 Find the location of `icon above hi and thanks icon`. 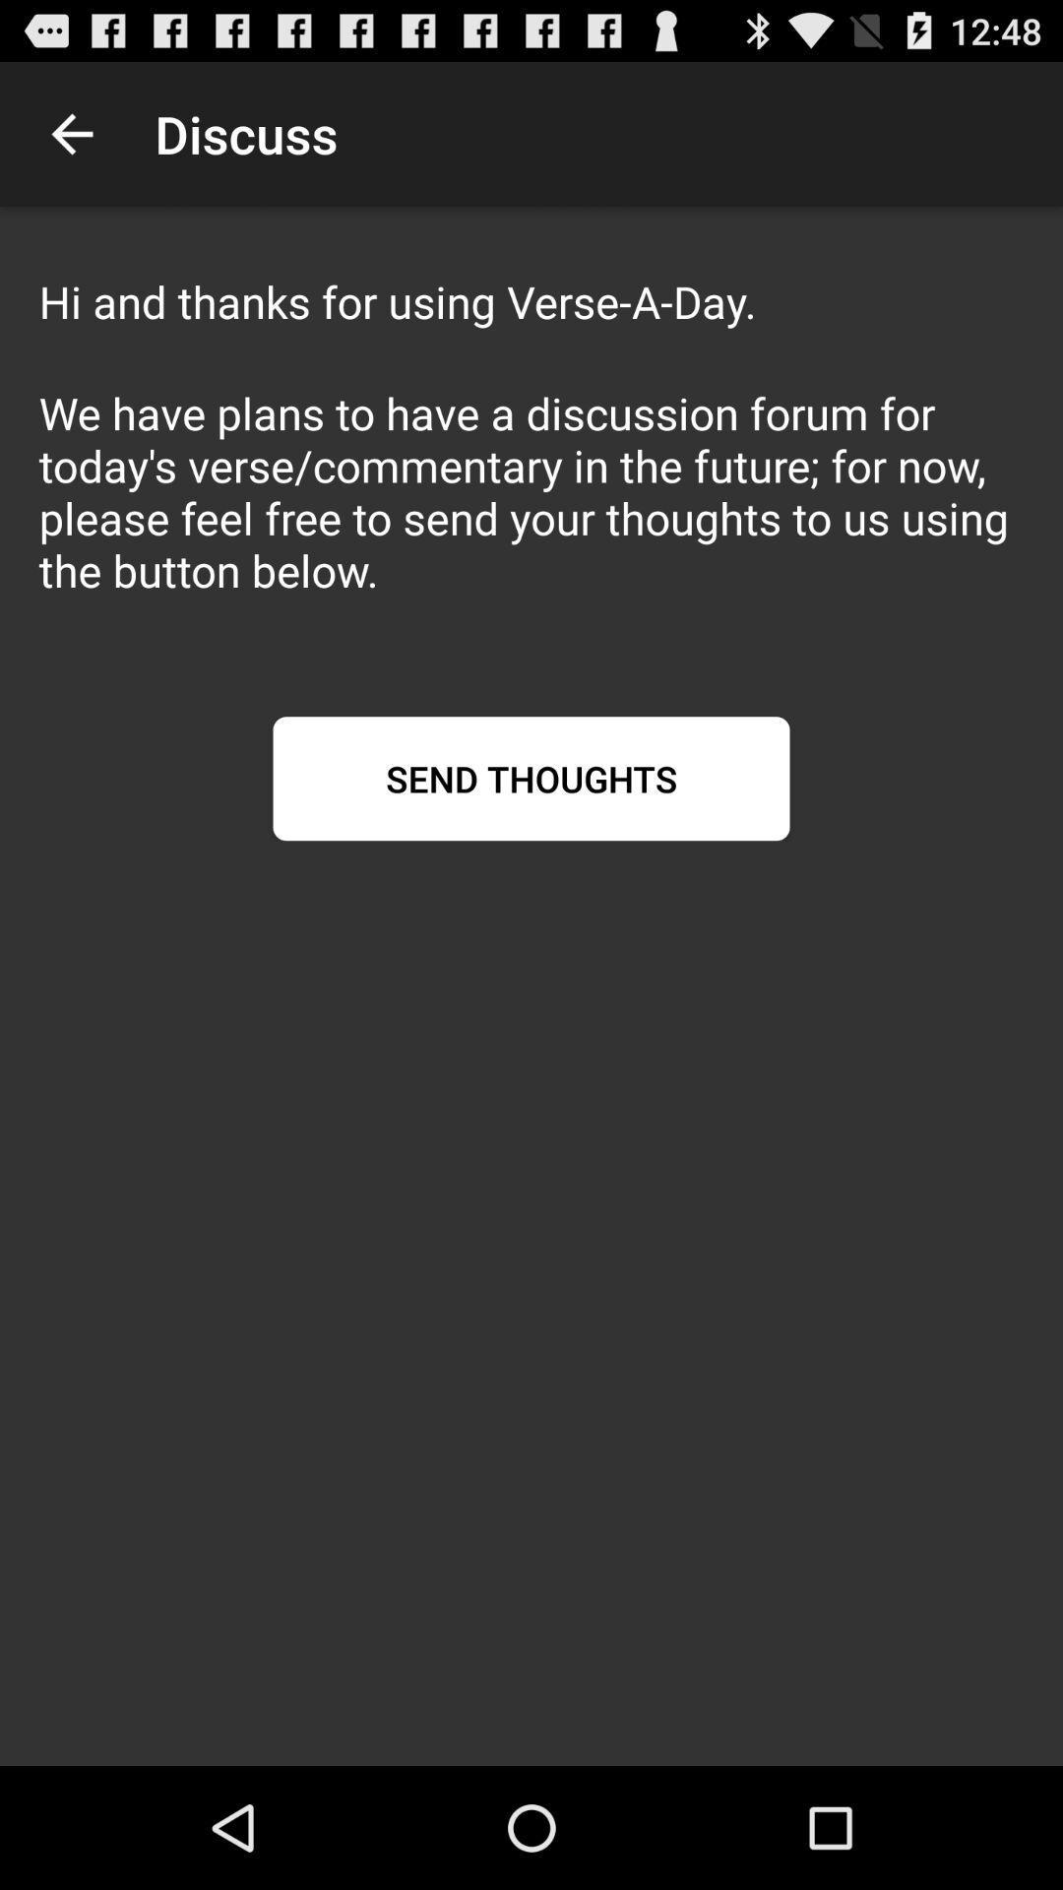

icon above hi and thanks icon is located at coordinates (71, 133).